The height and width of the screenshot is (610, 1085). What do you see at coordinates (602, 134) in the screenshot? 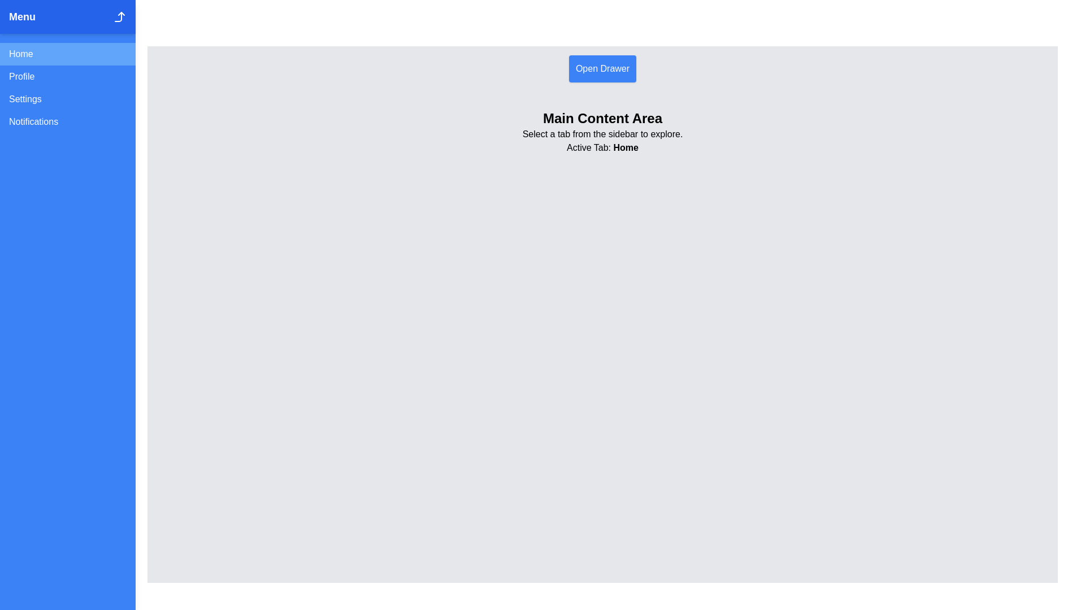
I see `the Static Text element that provides instructions for interacting with tabs in the sidebar, located between the 'Main Content Area' heading and the 'Active Tab: Home' text` at bounding box center [602, 134].